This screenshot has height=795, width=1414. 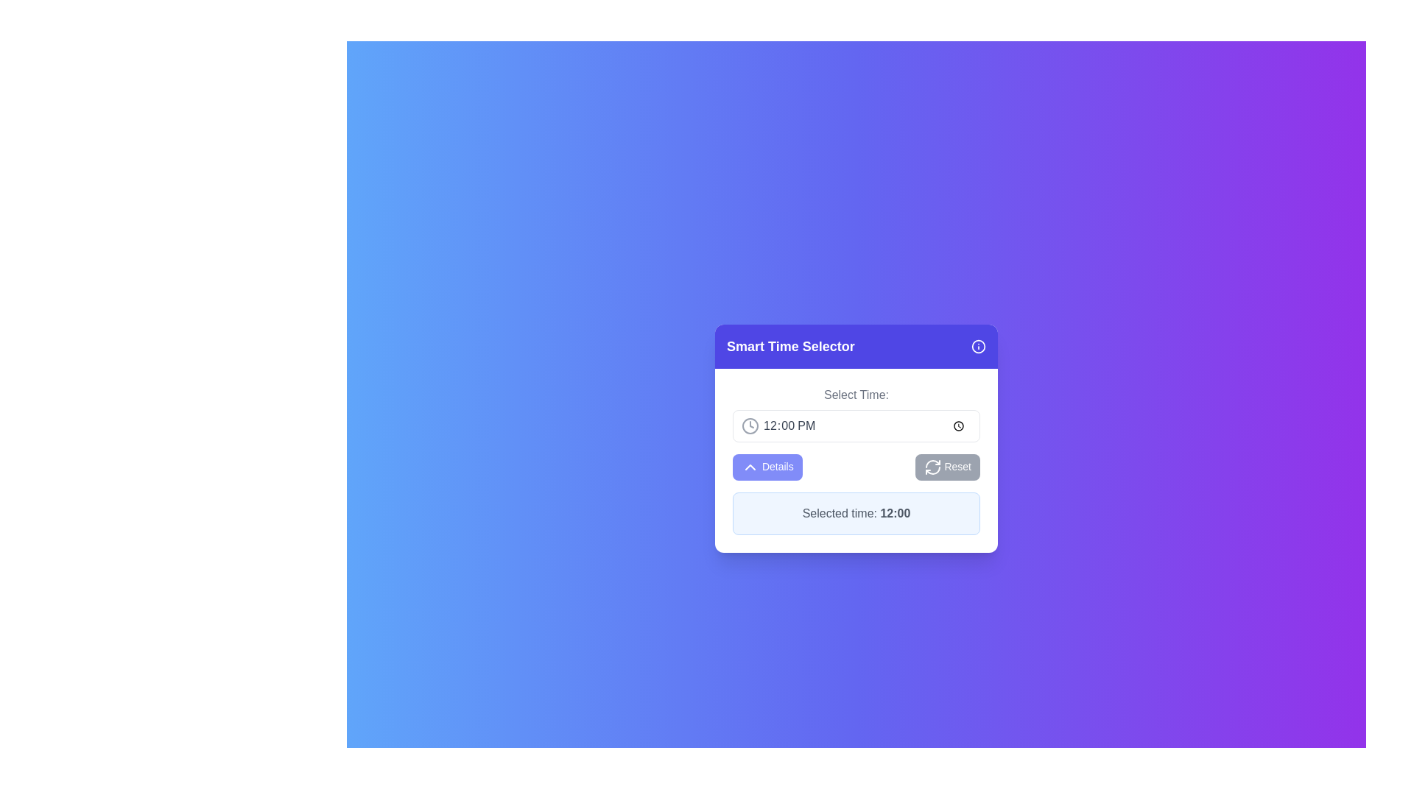 What do you see at coordinates (750, 425) in the screenshot?
I see `the gray circular element that serves as the outline of the clock icon, which is centered within the clock illustration to the right of the '12:00 PM' time selection input field` at bounding box center [750, 425].